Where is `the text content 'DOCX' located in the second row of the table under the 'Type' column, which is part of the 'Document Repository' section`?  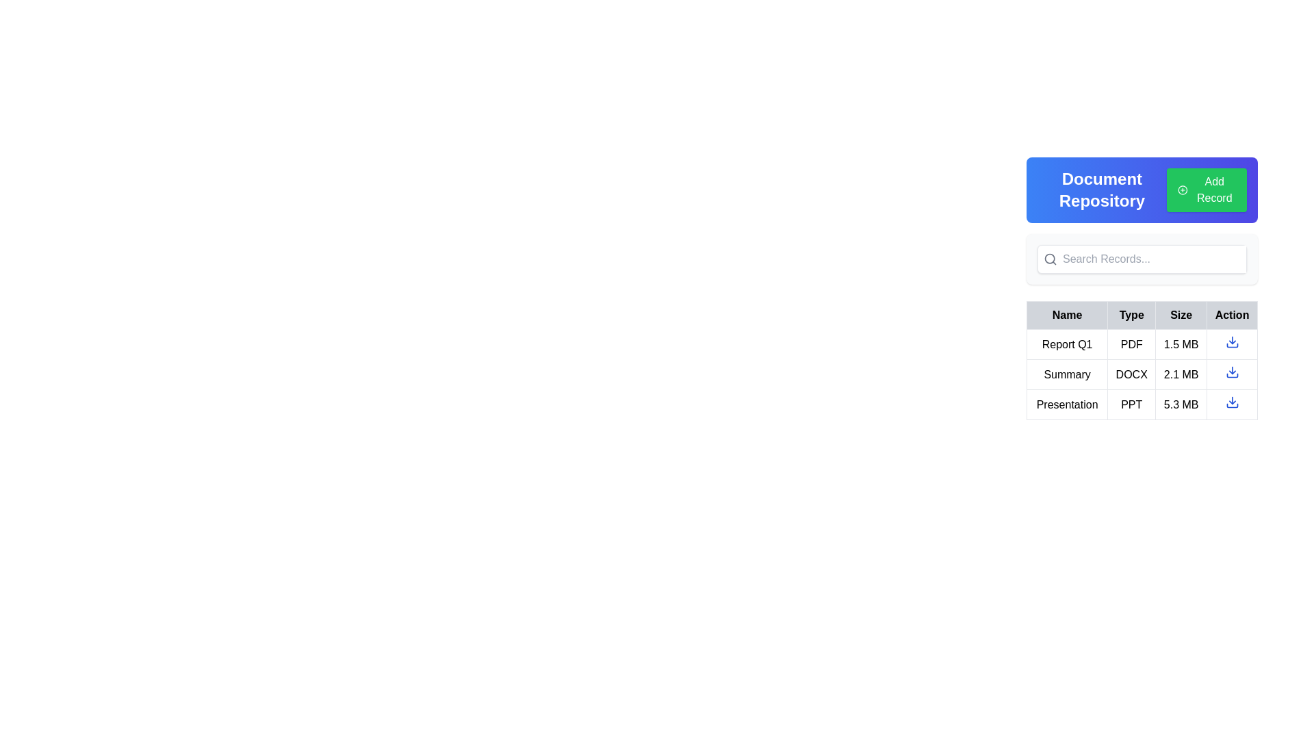 the text content 'DOCX' located in the second row of the table under the 'Type' column, which is part of the 'Document Repository' section is located at coordinates (1142, 374).